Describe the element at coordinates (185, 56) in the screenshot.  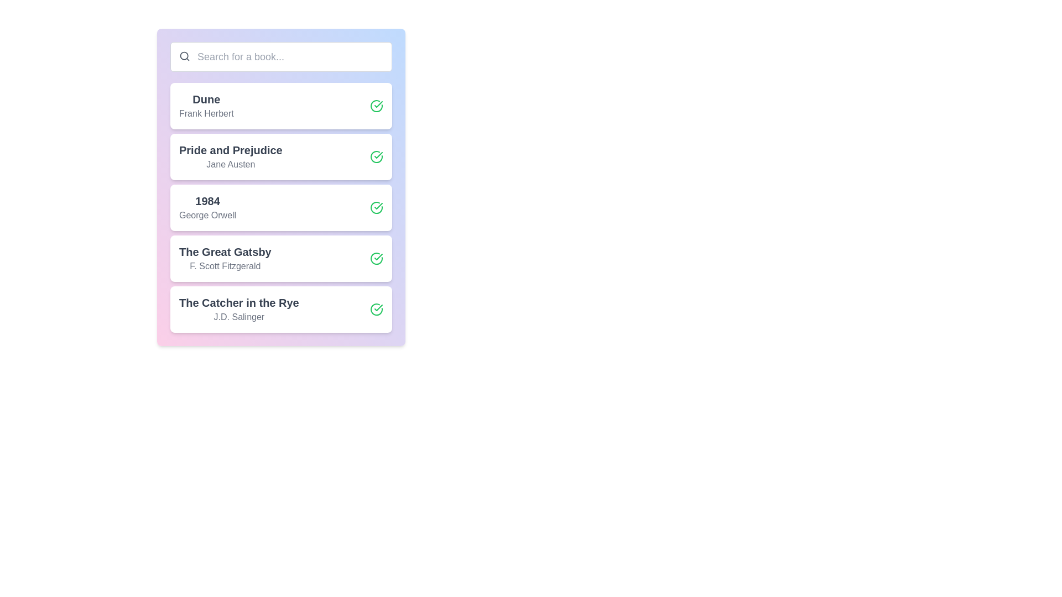
I see `the magnifying glass icon associated with search functionality located at the far left edge of the search input field` at that location.